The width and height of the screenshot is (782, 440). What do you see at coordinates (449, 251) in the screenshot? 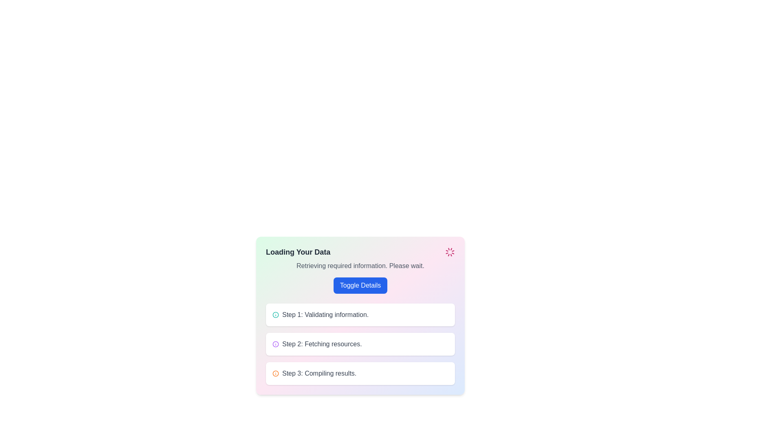
I see `the Loader icon, which is a visual indicator of an ongoing loading process, positioned to the far right of the 'Loading Your Data' box` at bounding box center [449, 251].